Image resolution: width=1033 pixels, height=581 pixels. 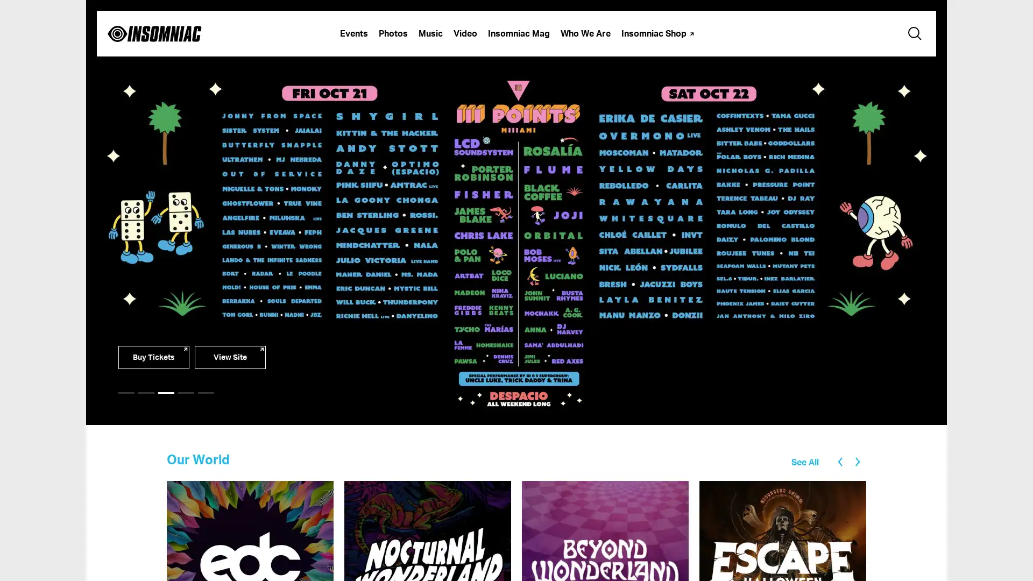 What do you see at coordinates (860, 460) in the screenshot?
I see `Next` at bounding box center [860, 460].